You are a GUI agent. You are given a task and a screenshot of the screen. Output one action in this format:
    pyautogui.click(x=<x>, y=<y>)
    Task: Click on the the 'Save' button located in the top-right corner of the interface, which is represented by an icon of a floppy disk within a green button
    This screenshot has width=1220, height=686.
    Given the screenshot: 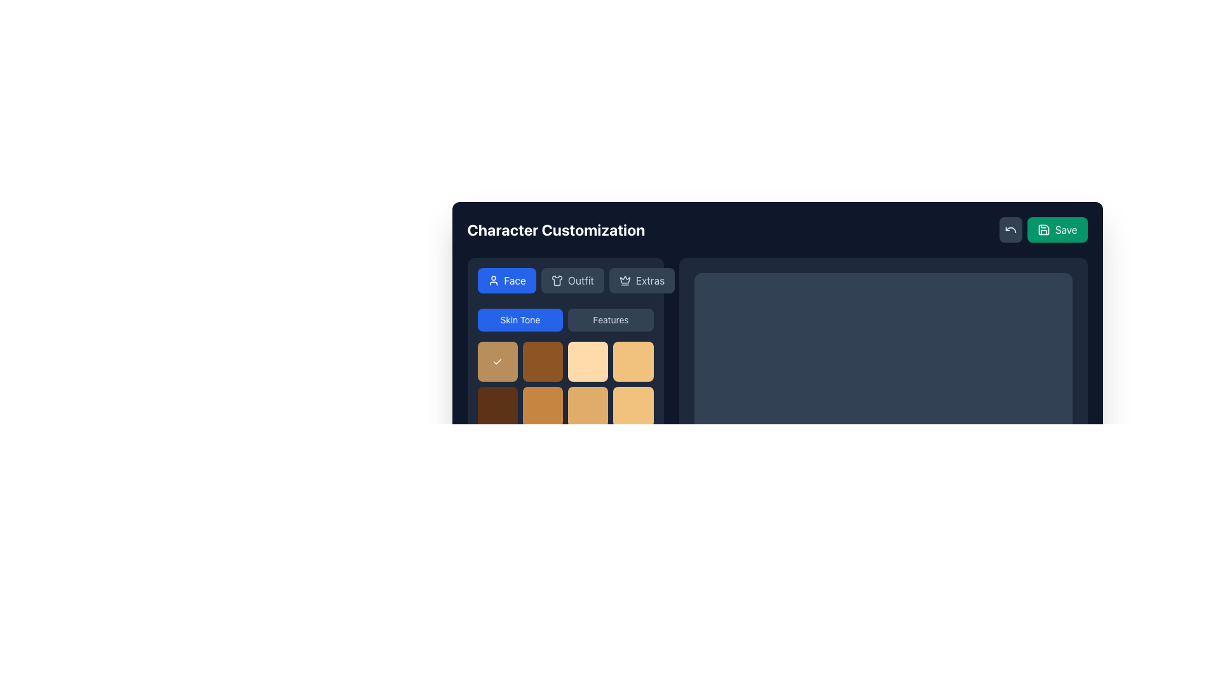 What is the action you would take?
    pyautogui.click(x=1043, y=230)
    